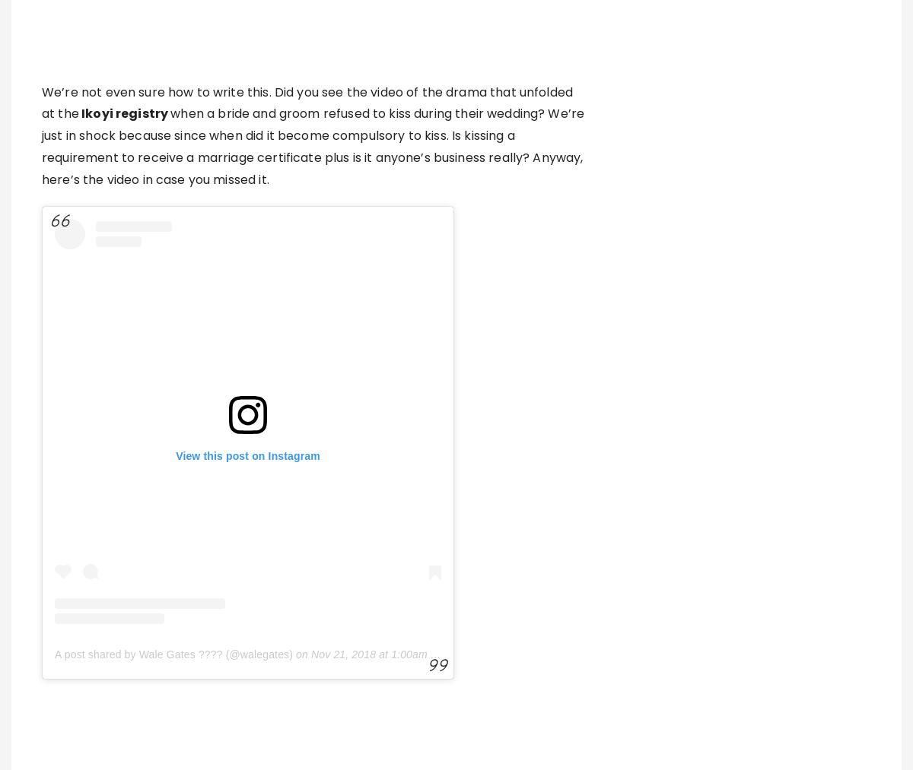  Describe the element at coordinates (247, 455) in the screenshot. I see `'View this post on Instagram'` at that location.